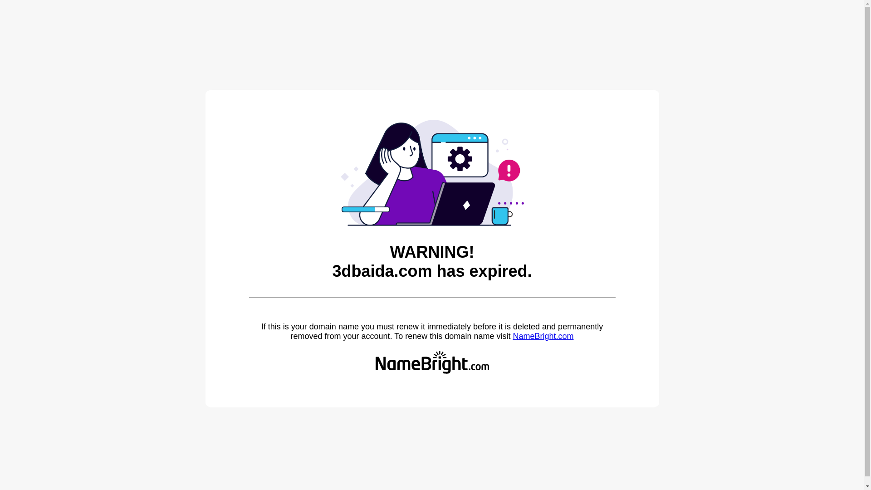  What do you see at coordinates (543, 336) in the screenshot?
I see `'NameBright.com'` at bounding box center [543, 336].